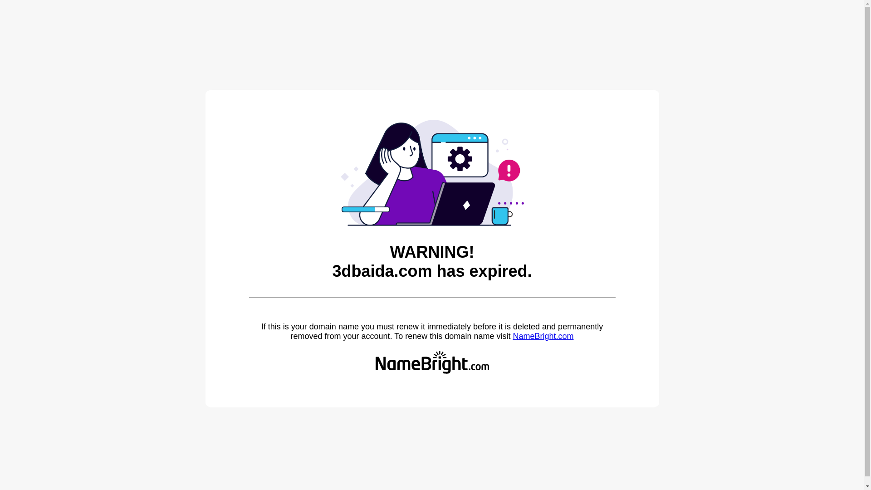  What do you see at coordinates (543, 336) in the screenshot?
I see `'NameBright.com'` at bounding box center [543, 336].